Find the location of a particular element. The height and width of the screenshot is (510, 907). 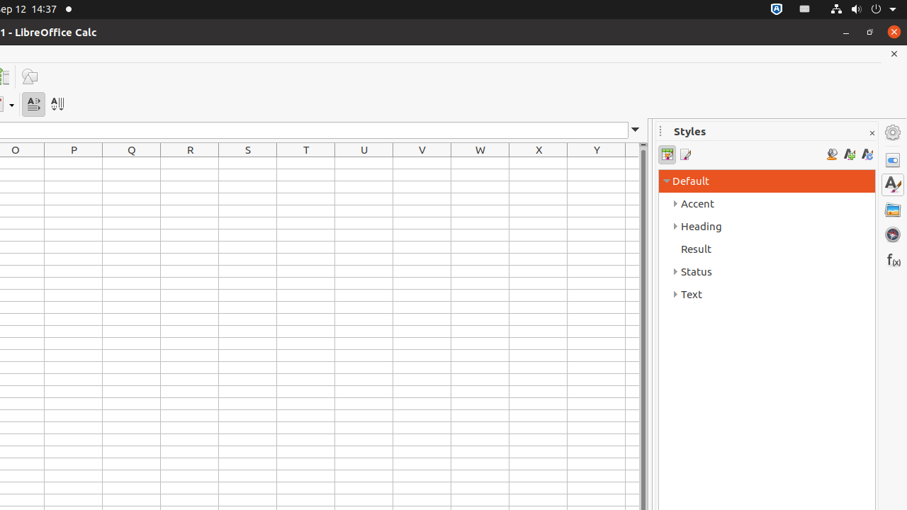

'Update Style' is located at coordinates (866, 154).